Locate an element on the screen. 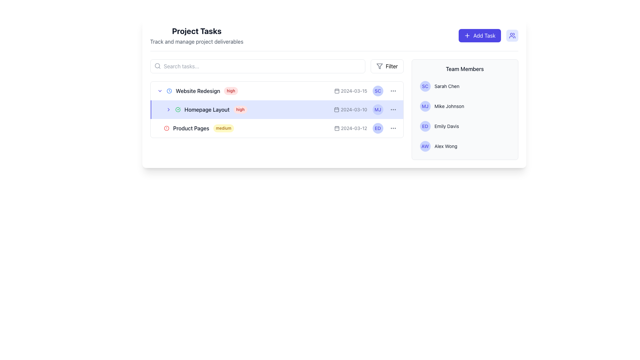  the Text label that serves as a title for the task 'Homepage Layout', positioned between the circular checkmark icon and the red priority label marked 'high' is located at coordinates (207, 109).